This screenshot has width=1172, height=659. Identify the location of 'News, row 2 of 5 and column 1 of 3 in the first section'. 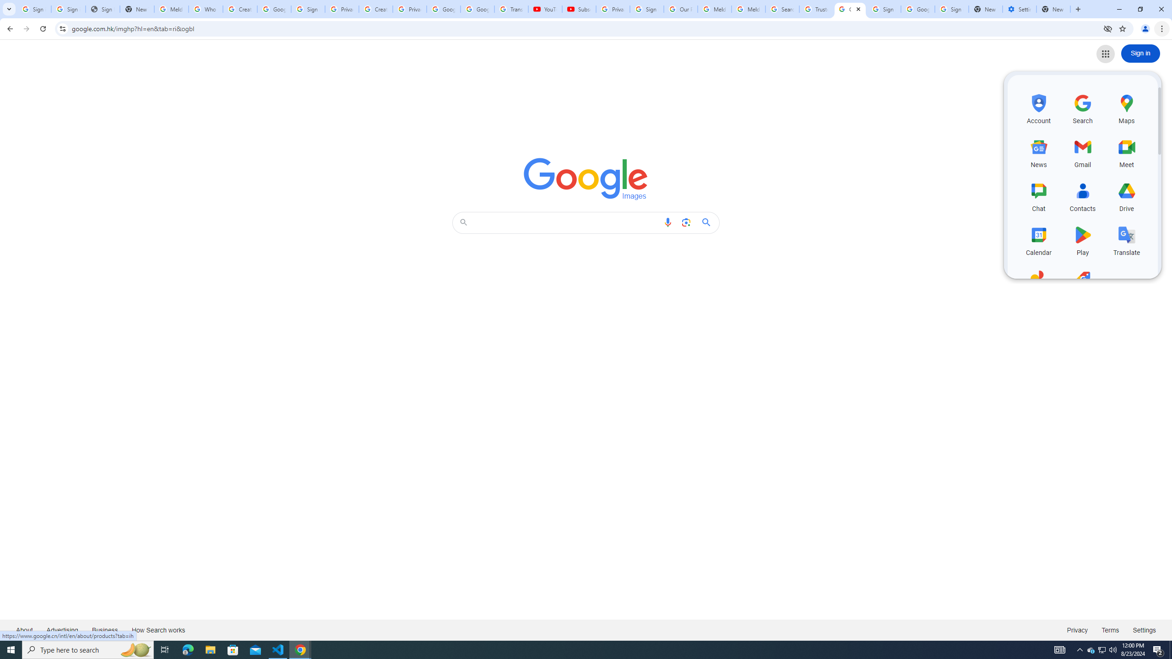
(1038, 151).